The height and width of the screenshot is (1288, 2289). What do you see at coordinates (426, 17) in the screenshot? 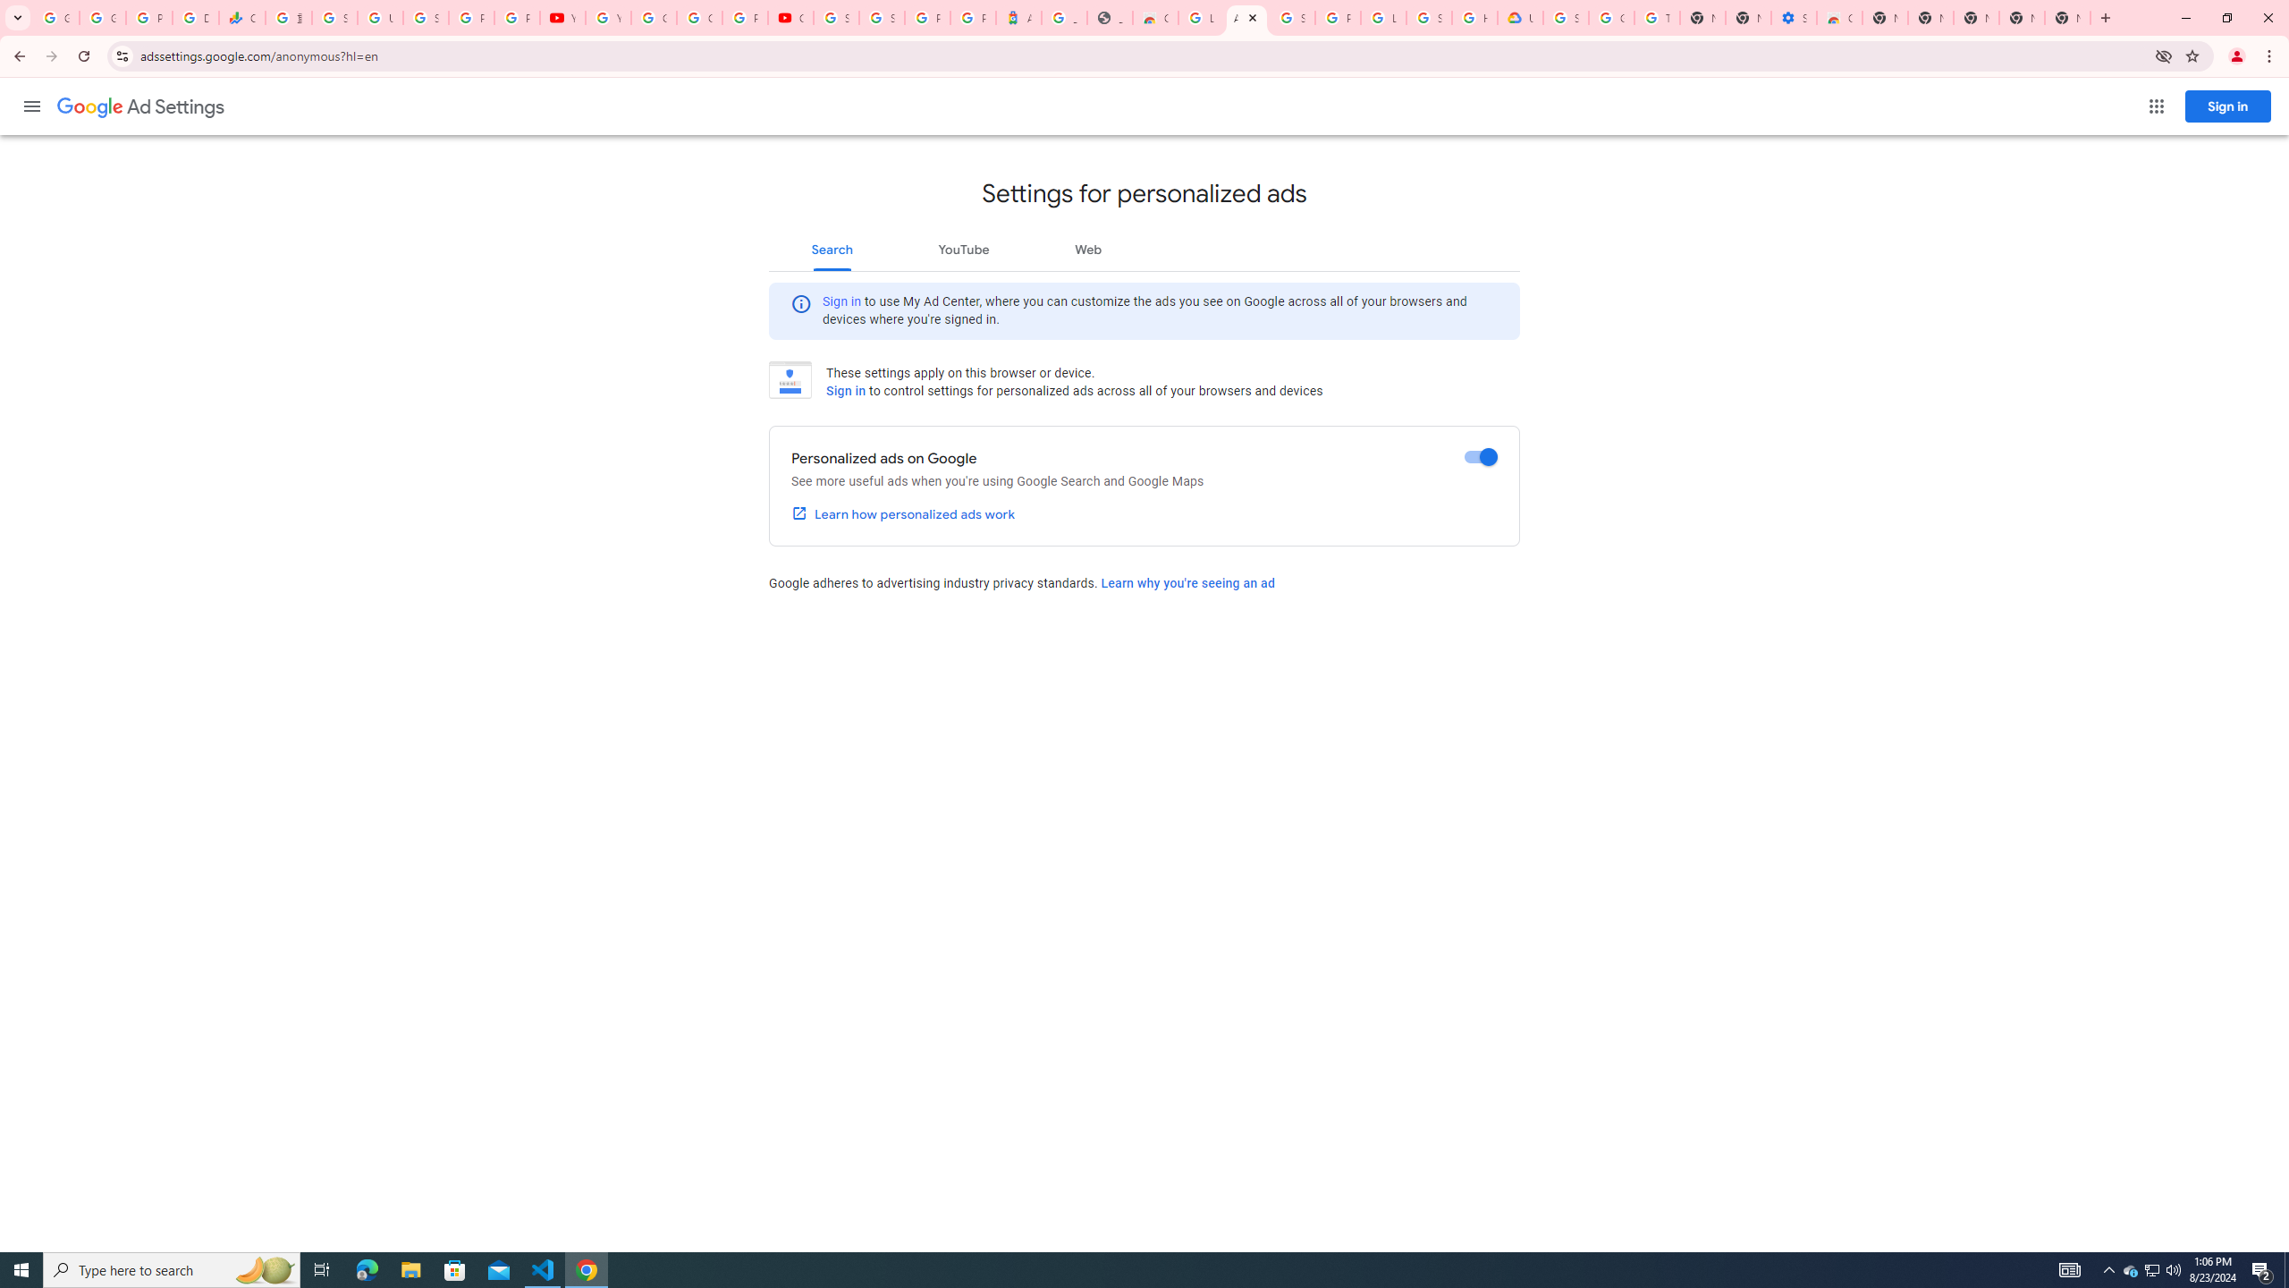
I see `'Sign in - Google Accounts'` at bounding box center [426, 17].